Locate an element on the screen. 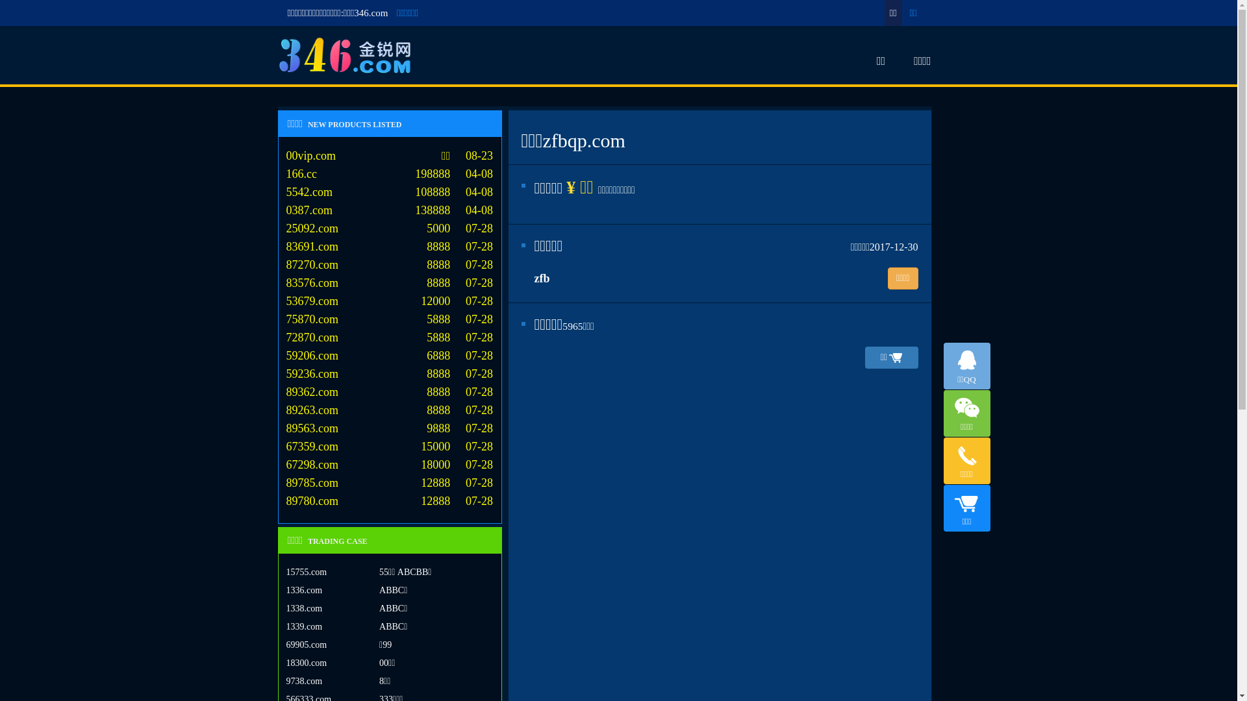  '83691.com 8888 07-28' is located at coordinates (388, 252).